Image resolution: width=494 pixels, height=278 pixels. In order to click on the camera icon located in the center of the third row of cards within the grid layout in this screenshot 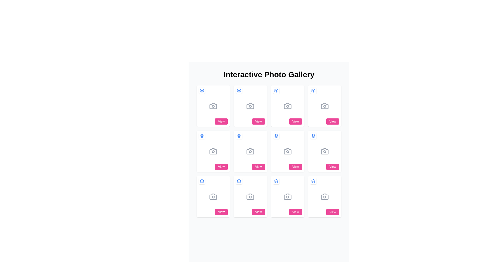, I will do `click(250, 151)`.